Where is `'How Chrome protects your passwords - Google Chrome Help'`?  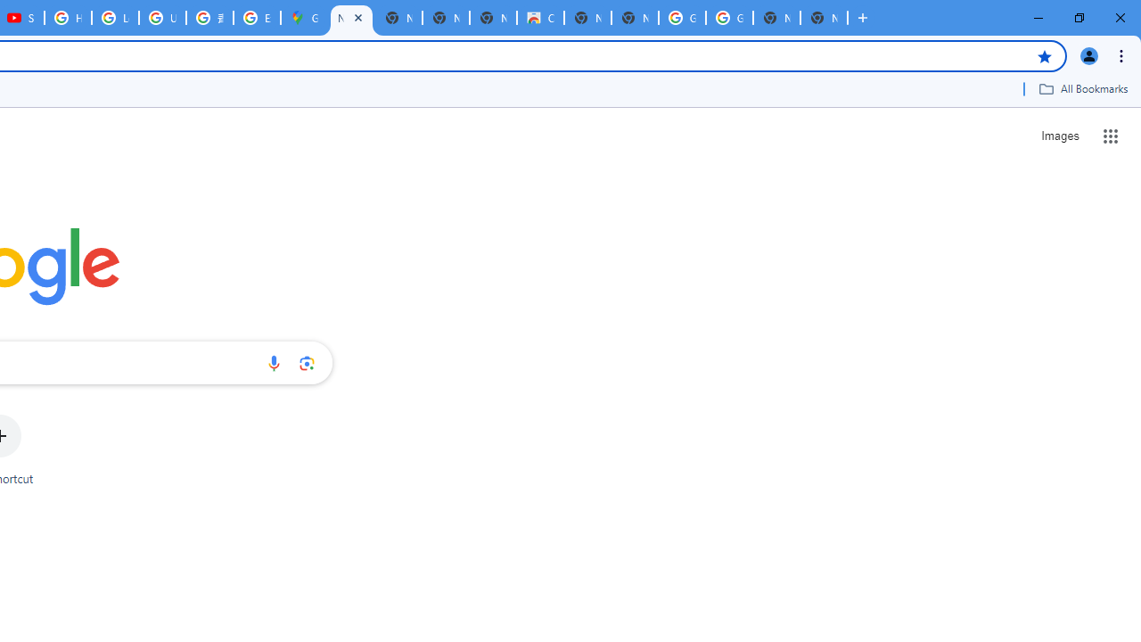
'How Chrome protects your passwords - Google Chrome Help' is located at coordinates (68, 18).